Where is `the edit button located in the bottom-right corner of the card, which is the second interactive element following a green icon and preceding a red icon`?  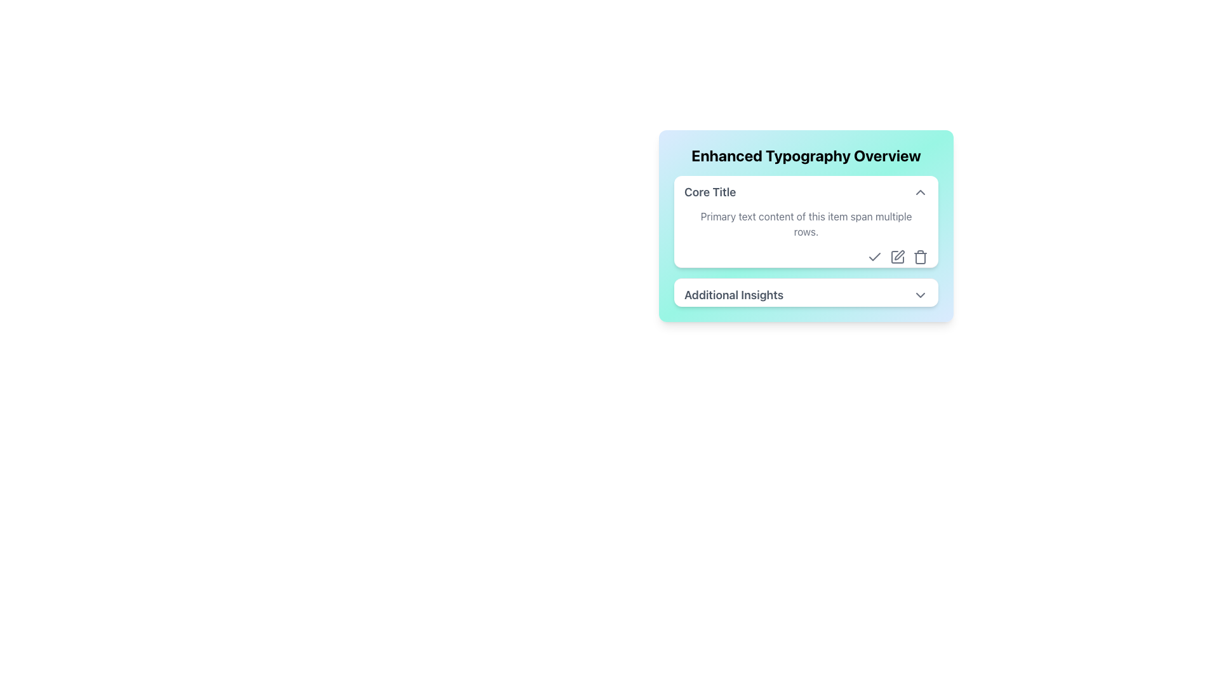
the edit button located in the bottom-right corner of the card, which is the second interactive element following a green icon and preceding a red icon is located at coordinates (897, 257).